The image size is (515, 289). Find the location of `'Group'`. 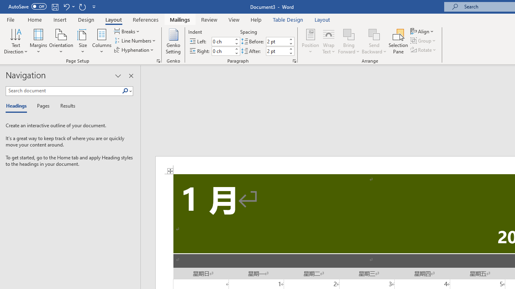

'Group' is located at coordinates (424, 41).